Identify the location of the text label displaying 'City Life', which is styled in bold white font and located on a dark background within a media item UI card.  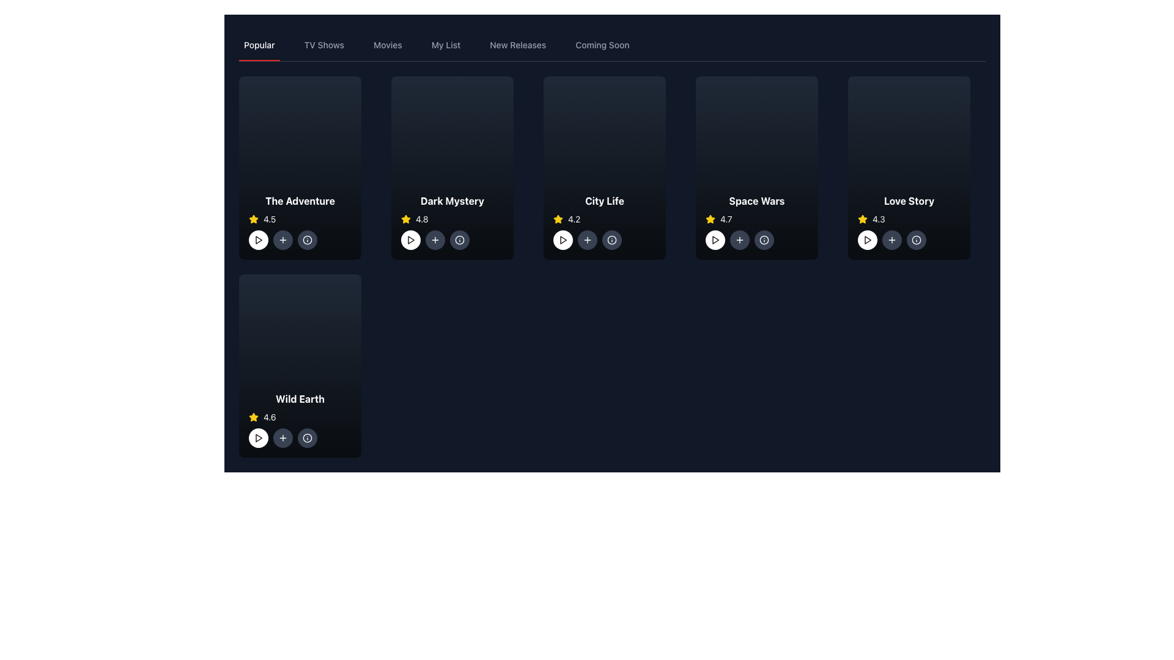
(604, 200).